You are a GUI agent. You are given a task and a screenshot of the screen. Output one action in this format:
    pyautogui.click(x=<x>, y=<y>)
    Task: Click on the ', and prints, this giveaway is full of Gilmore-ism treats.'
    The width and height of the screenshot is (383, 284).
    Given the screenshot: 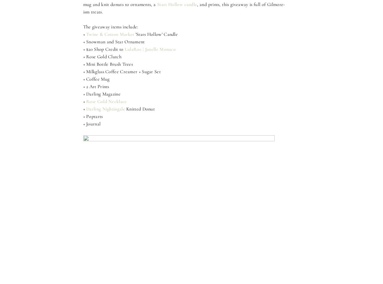 What is the action you would take?
    pyautogui.click(x=183, y=8)
    